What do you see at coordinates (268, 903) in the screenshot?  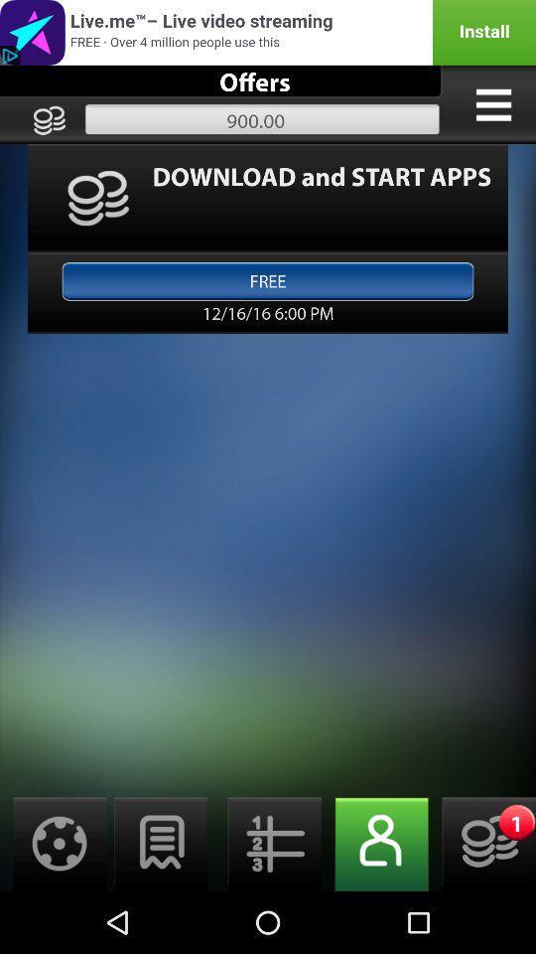 I see `the list icon` at bounding box center [268, 903].